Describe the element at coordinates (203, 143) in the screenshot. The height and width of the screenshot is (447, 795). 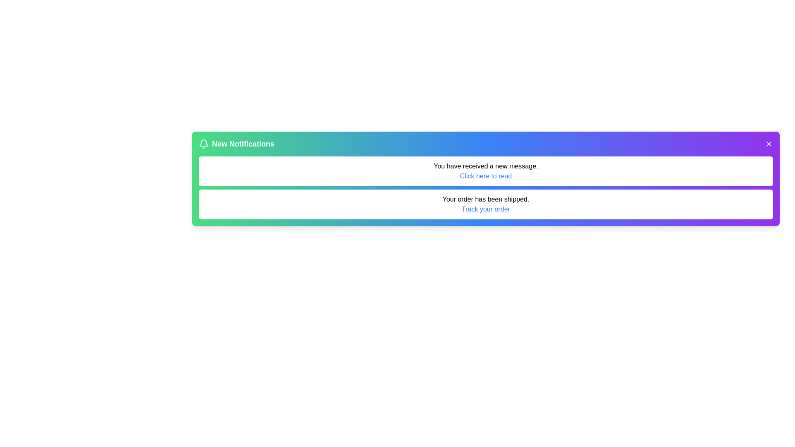
I see `the state of the bell icon located at the top-left corner of the notification panel, which serves as an indicator for new notifications` at that location.